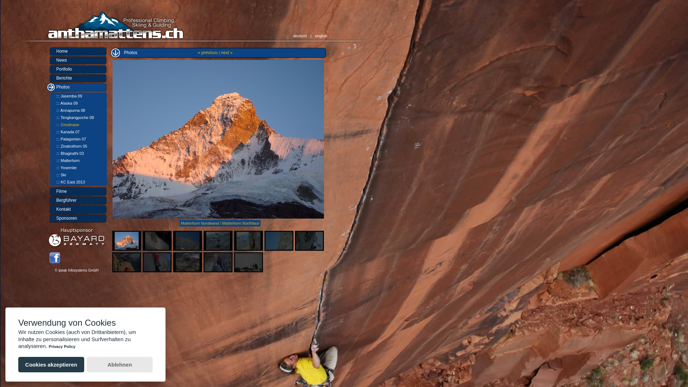  Describe the element at coordinates (77, 209) in the screenshot. I see `'Kontakt'` at that location.